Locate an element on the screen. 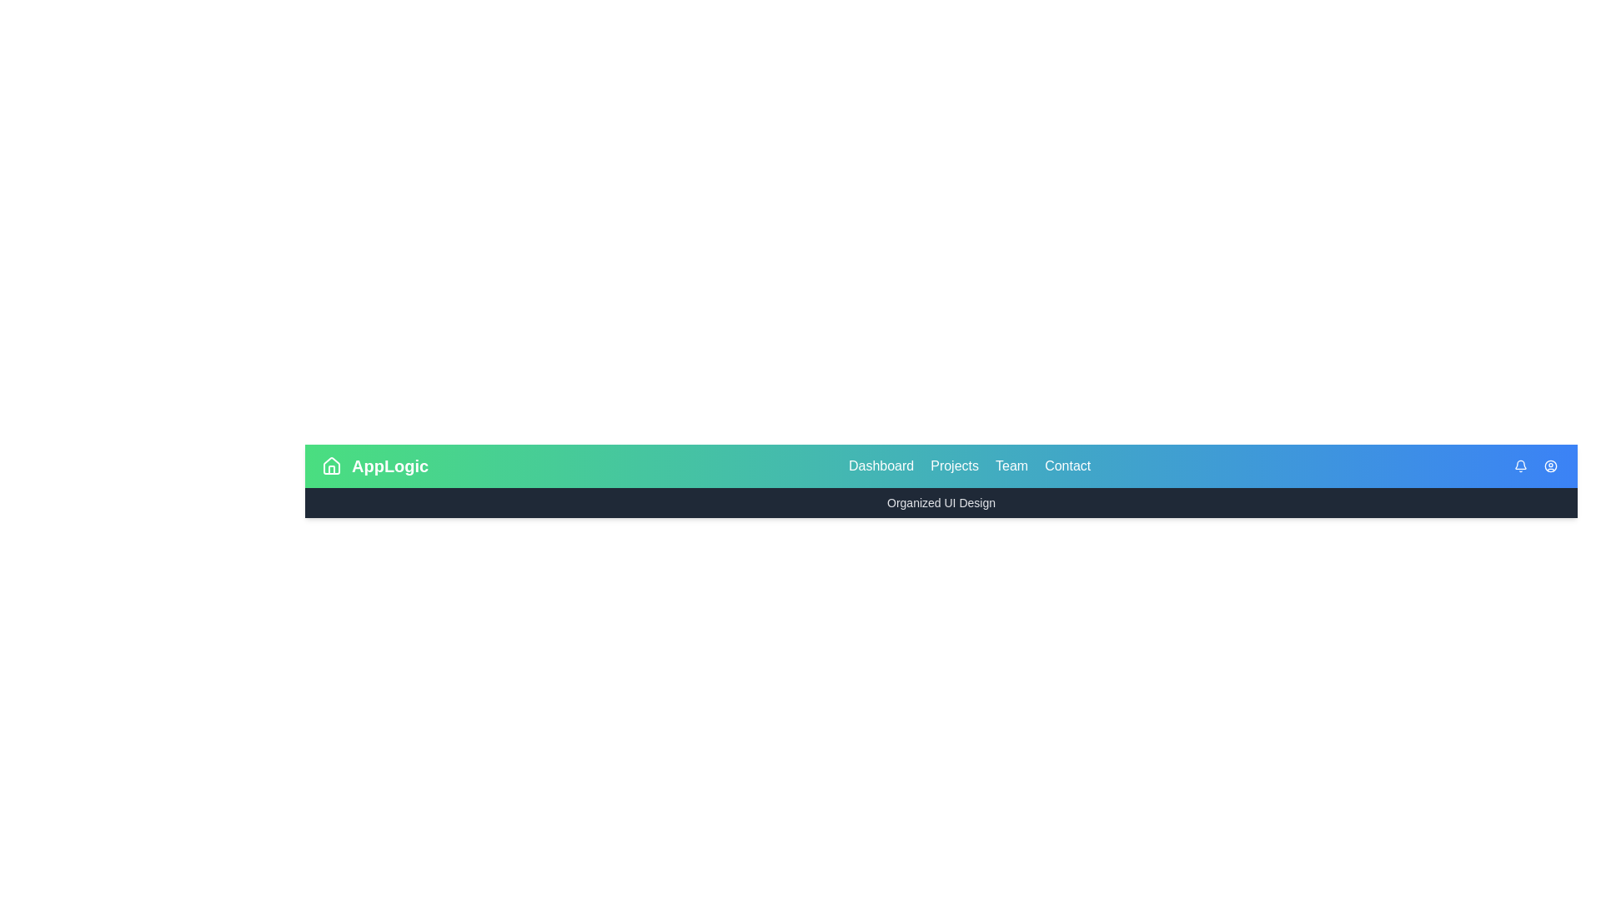 This screenshot has height=901, width=1601. the logo text 'AppLogic' is located at coordinates (389, 466).